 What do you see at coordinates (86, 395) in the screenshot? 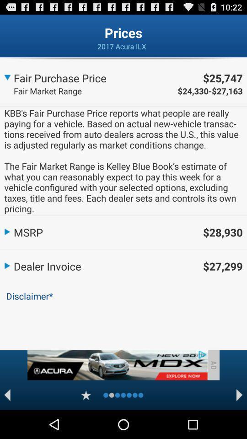
I see `favorite` at bounding box center [86, 395].